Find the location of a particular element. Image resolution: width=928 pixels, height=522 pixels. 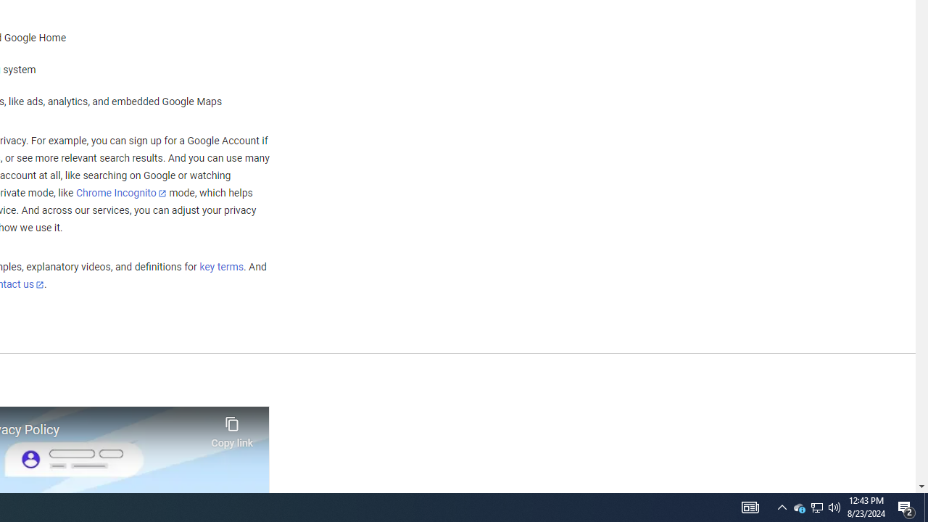

'Copy link' is located at coordinates (232, 428).